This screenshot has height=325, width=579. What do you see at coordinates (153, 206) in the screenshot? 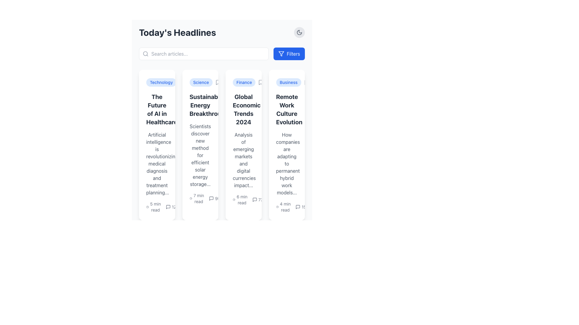
I see `the informational label indicating the estimated time required to read the article 'The Future of AI in Healthcare' to evaluate article length` at bounding box center [153, 206].